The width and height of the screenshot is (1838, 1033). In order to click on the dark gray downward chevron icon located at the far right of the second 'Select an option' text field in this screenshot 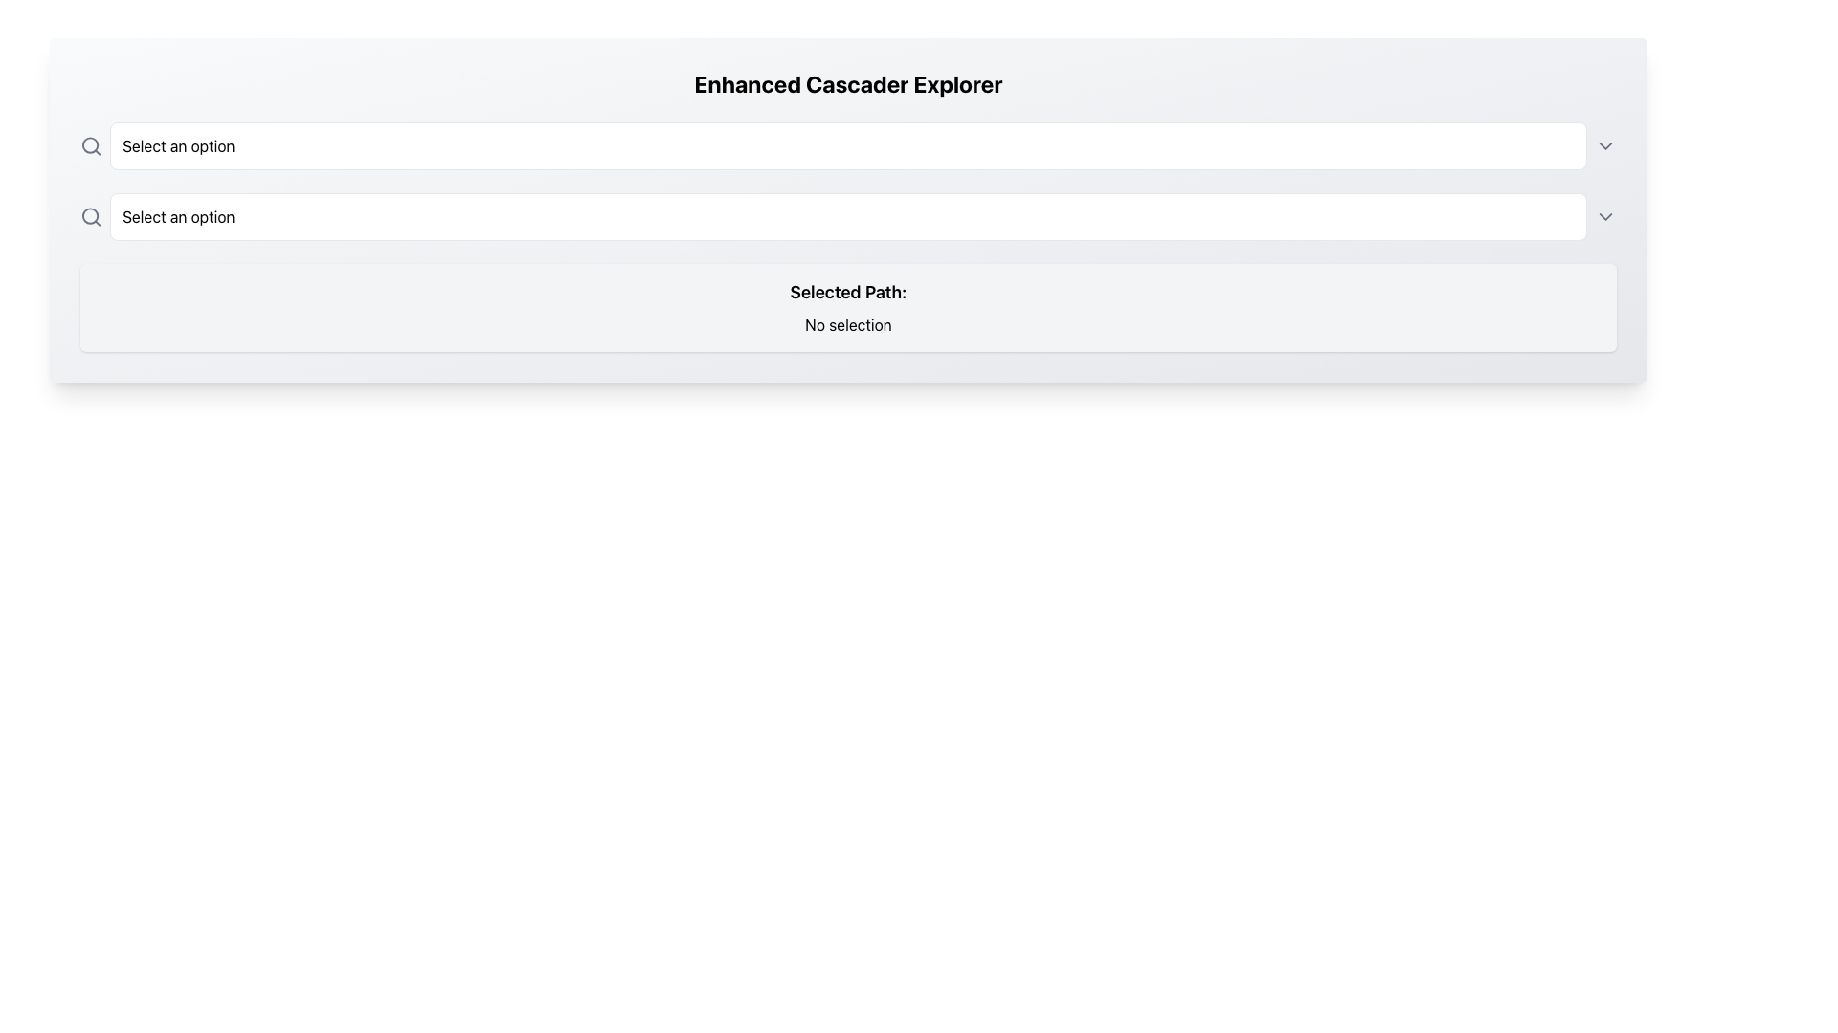, I will do `click(1605, 216)`.